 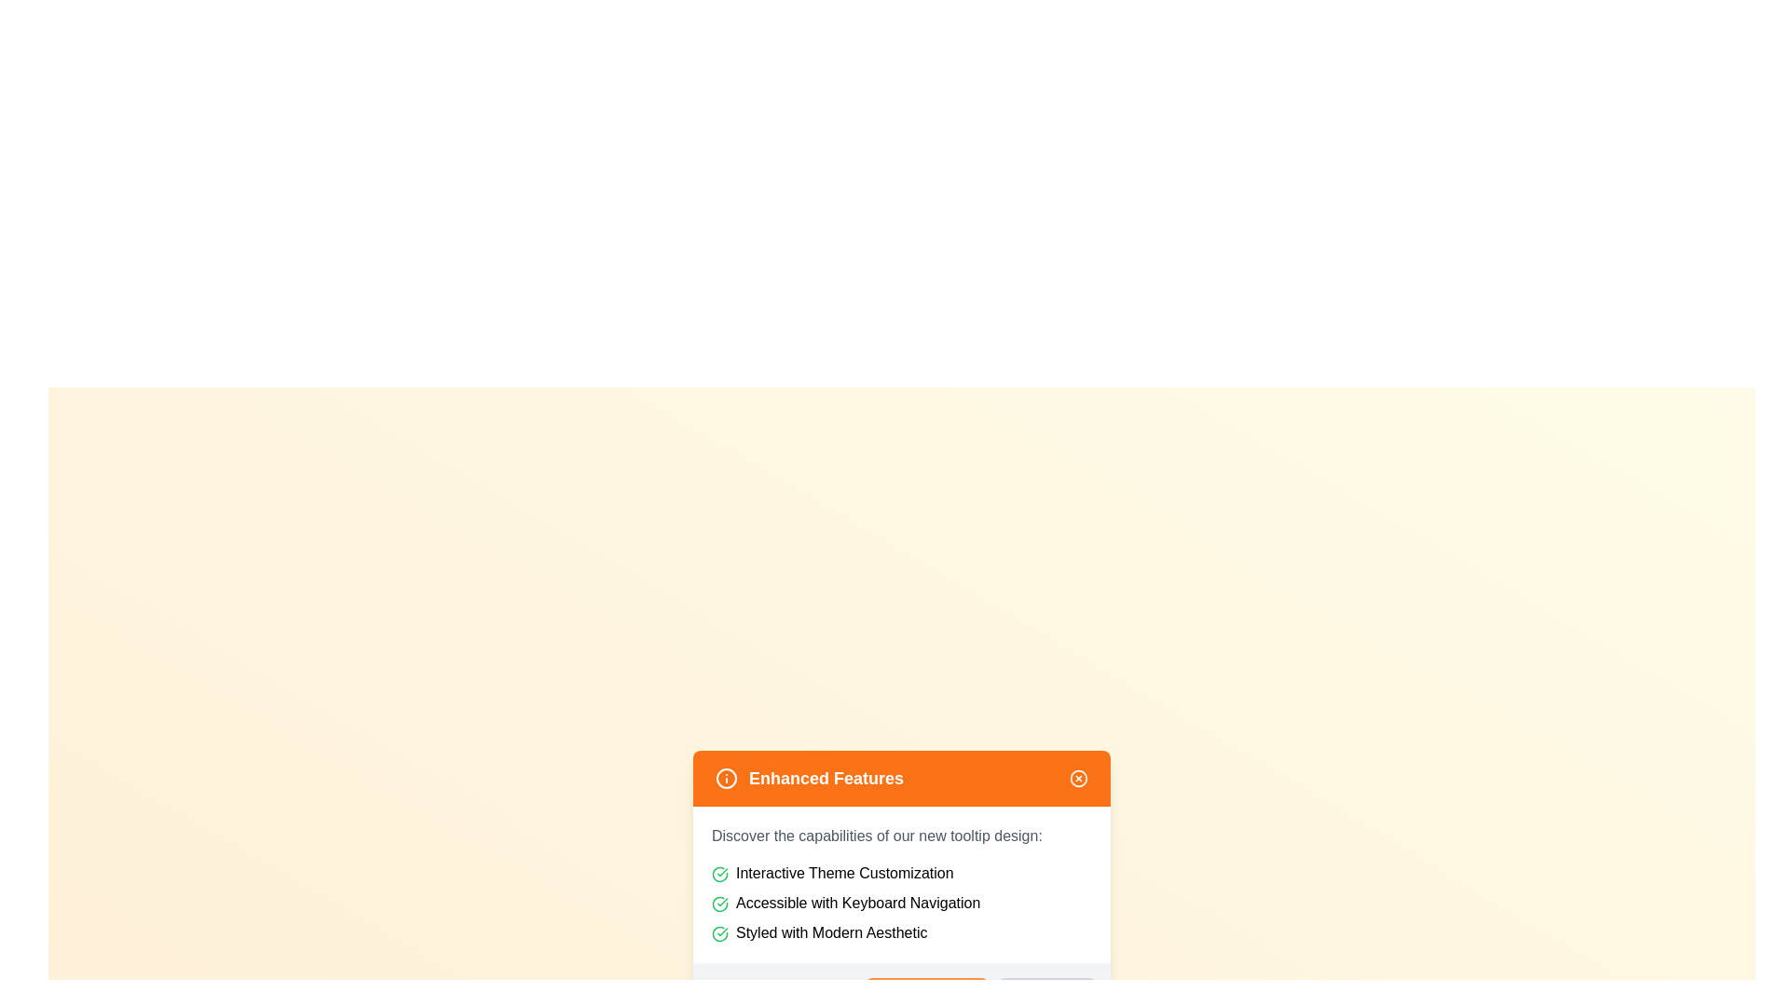 What do you see at coordinates (725, 779) in the screenshot?
I see `the circular icon in the top-left corner of the orange header bar labeled 'Enhanced Features'` at bounding box center [725, 779].